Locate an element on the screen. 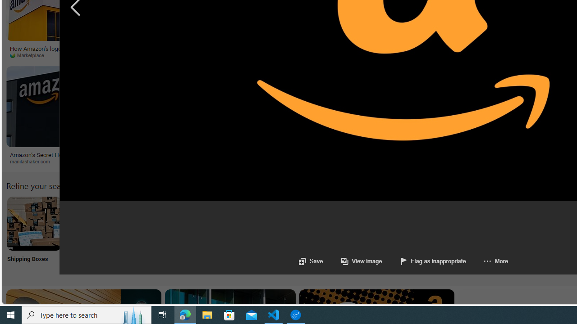  'Save' is located at coordinates (311, 261).